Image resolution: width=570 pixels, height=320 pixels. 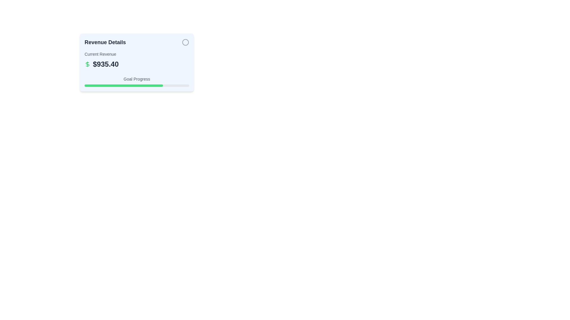 What do you see at coordinates (185, 42) in the screenshot?
I see `the circle icon located at the top-right corner of the 'Revenue Details' card` at bounding box center [185, 42].